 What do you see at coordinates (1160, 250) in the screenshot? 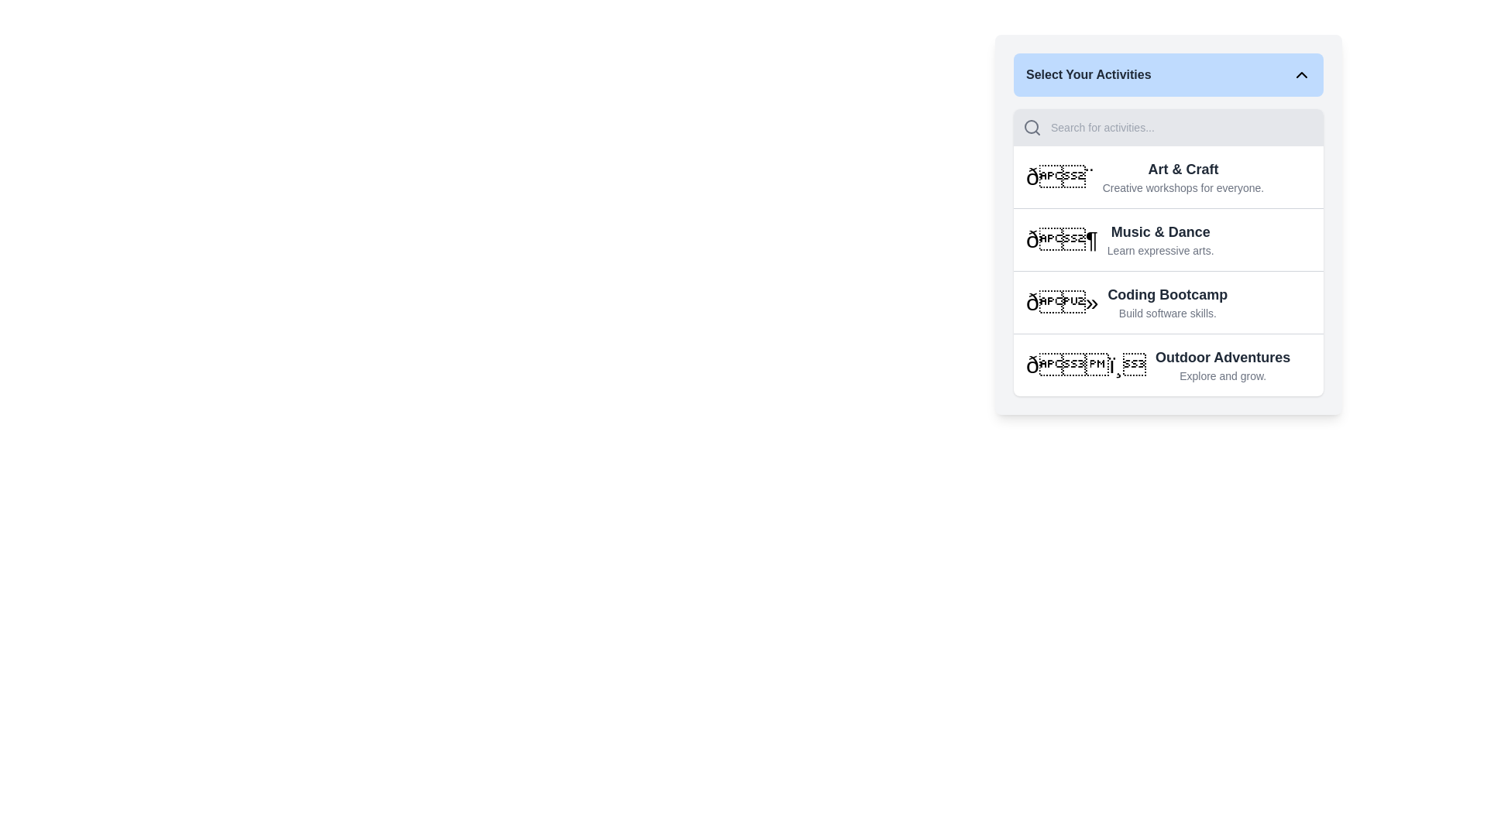
I see `the descriptive text snippet reading 'Learn expressive arts.' located beneath the heading 'Music & Dance'` at bounding box center [1160, 250].